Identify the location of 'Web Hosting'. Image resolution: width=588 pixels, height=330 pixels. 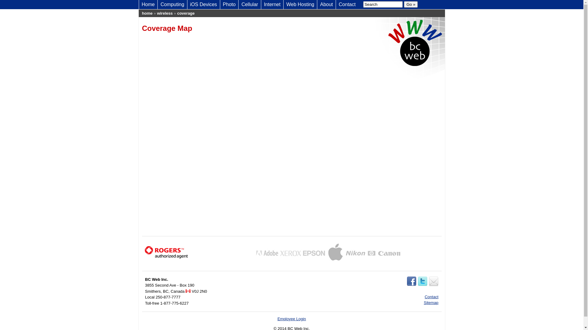
(283, 5).